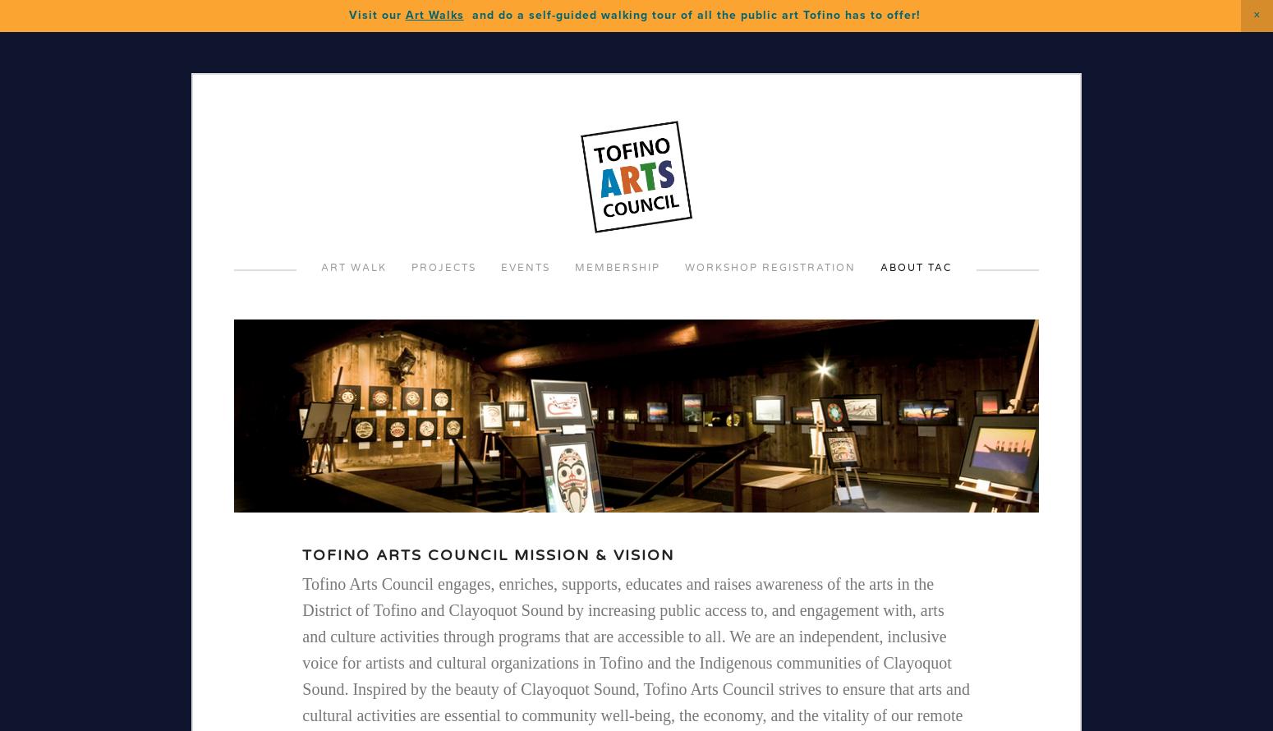 The image size is (1273, 731). I want to click on 'About TAC', so click(915, 267).